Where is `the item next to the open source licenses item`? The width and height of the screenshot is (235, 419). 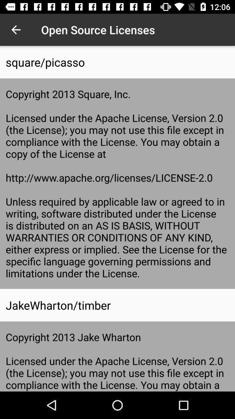 the item next to the open source licenses item is located at coordinates (16, 30).